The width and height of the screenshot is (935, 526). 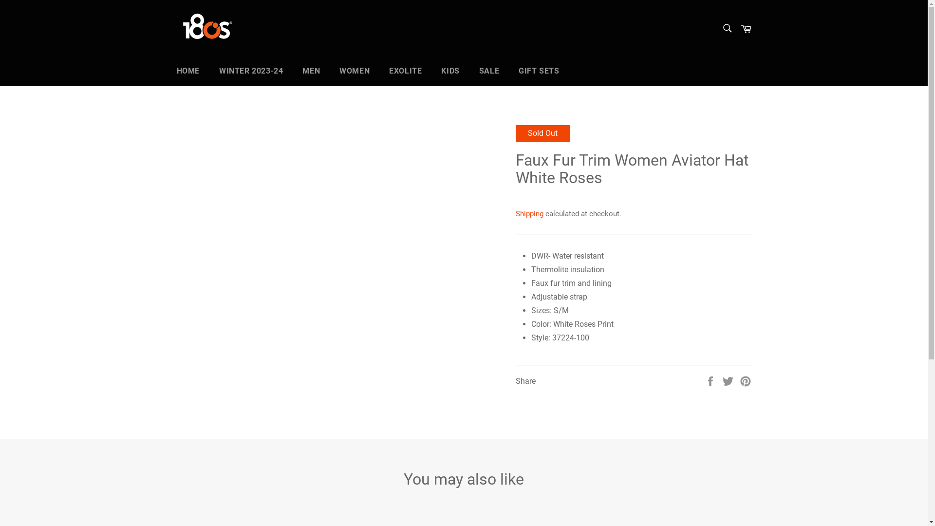 What do you see at coordinates (710, 382) in the screenshot?
I see `'Share this on Facebook'` at bounding box center [710, 382].